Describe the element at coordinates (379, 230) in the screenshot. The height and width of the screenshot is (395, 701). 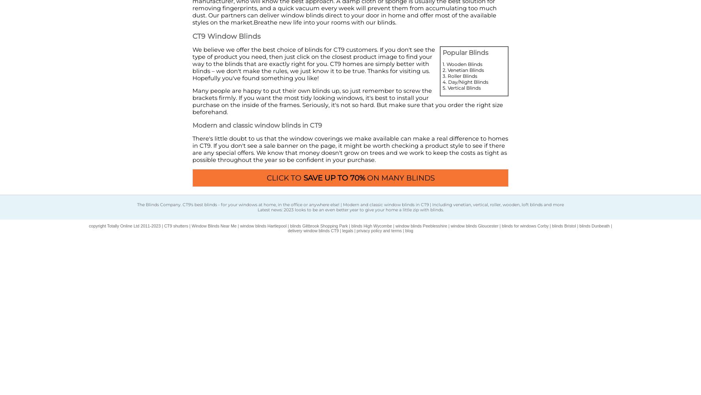
I see `'privacy policy and terms'` at that location.